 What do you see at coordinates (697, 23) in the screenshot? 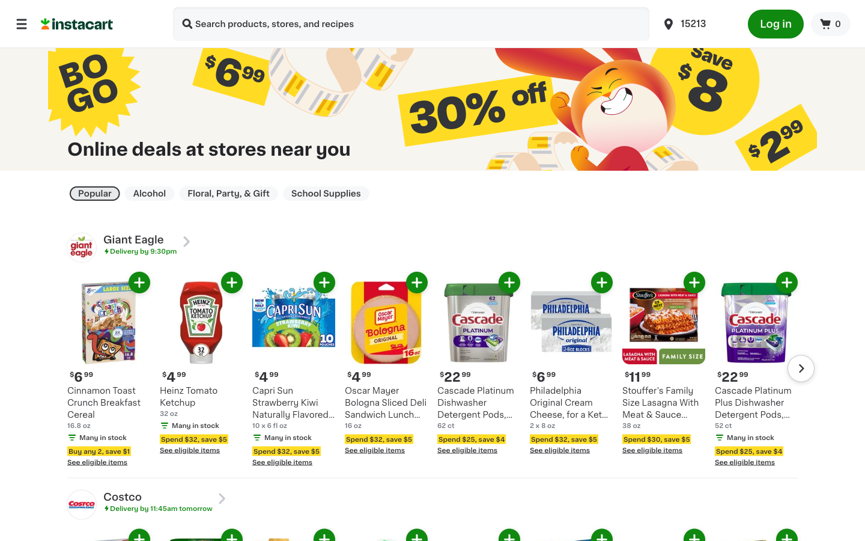
I see `Fetch all the merchandise listed for the city of Pittsburgh` at bounding box center [697, 23].